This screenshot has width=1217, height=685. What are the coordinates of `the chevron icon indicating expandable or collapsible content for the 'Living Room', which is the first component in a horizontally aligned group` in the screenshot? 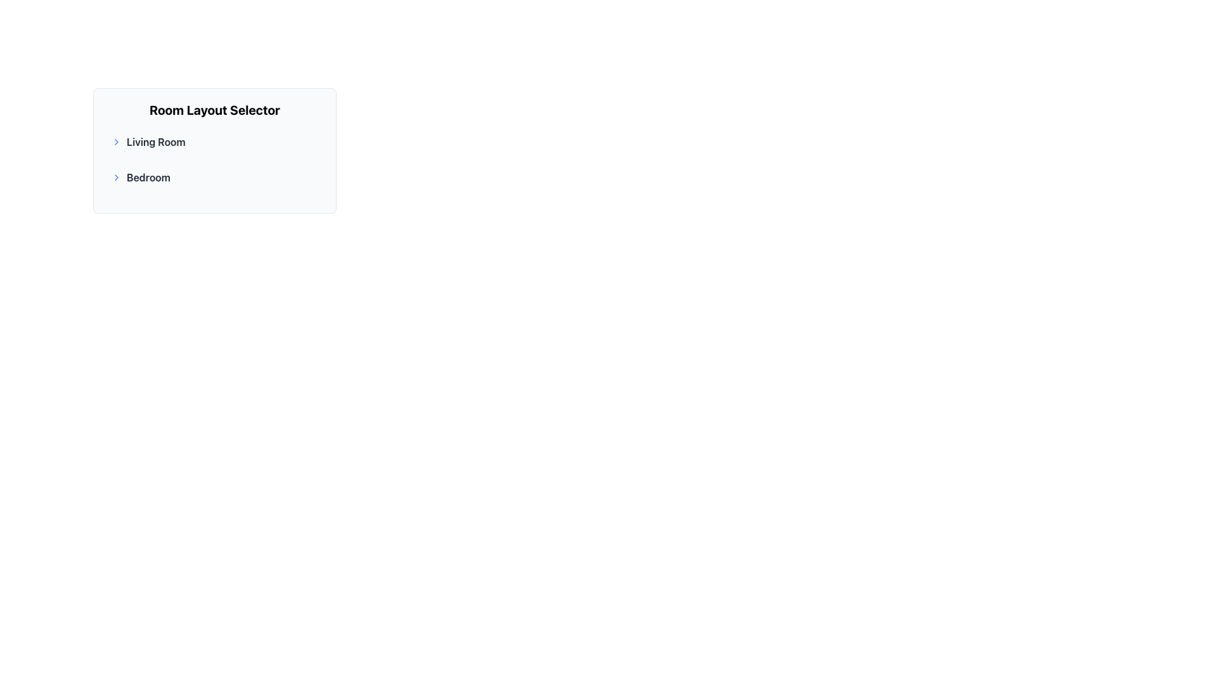 It's located at (116, 141).